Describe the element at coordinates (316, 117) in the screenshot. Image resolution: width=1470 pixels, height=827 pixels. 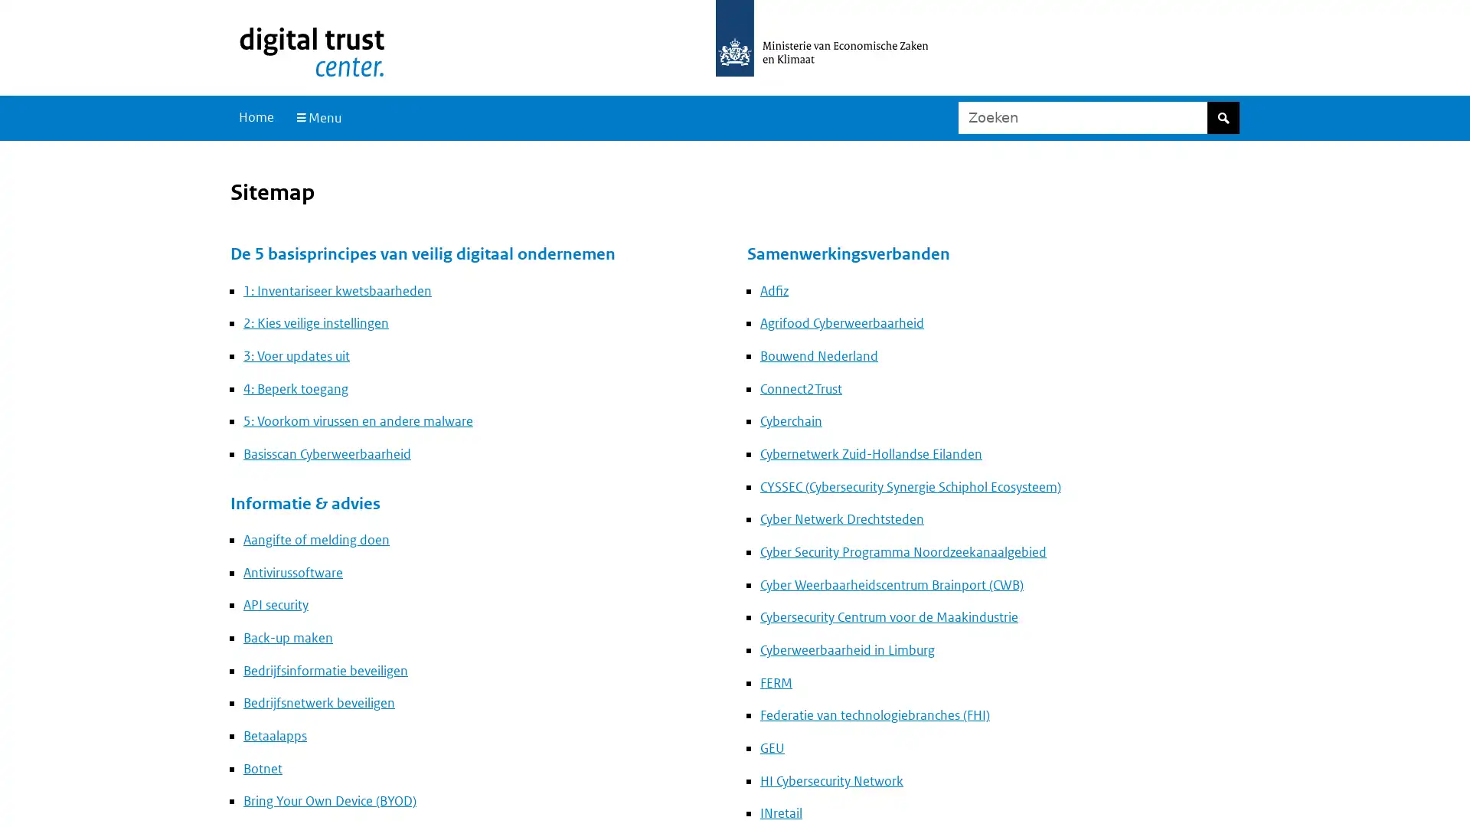
I see `Toggle navigation` at that location.